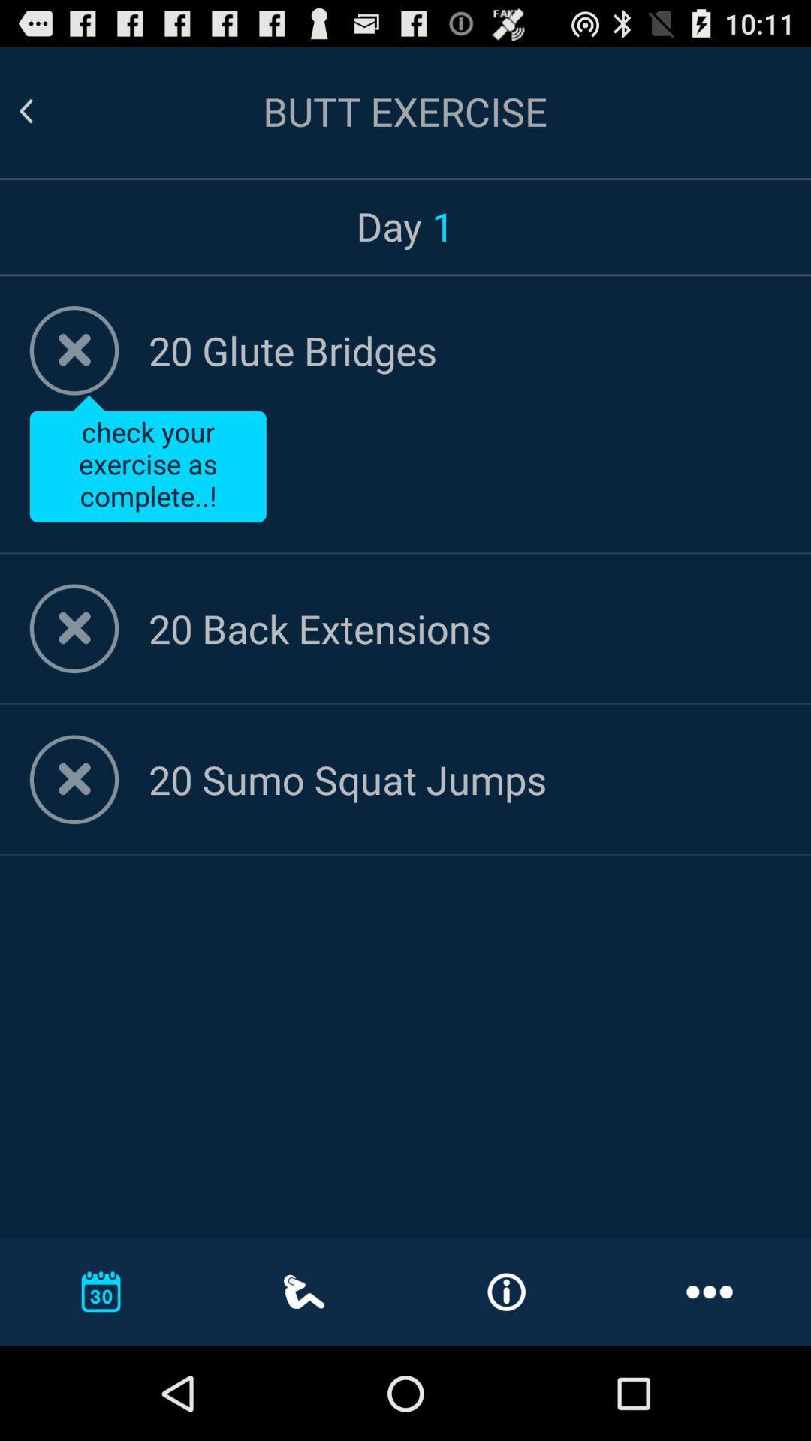 The image size is (811, 1441). Describe the element at coordinates (74, 628) in the screenshot. I see `check exercise complete` at that location.